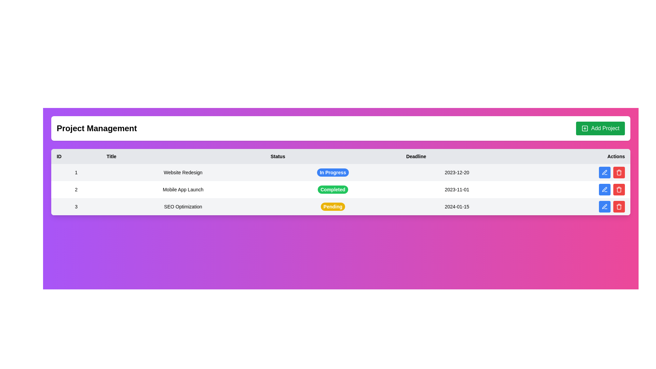  Describe the element at coordinates (605, 206) in the screenshot. I see `the edit button located in the Actions column of the third row of the table` at that location.